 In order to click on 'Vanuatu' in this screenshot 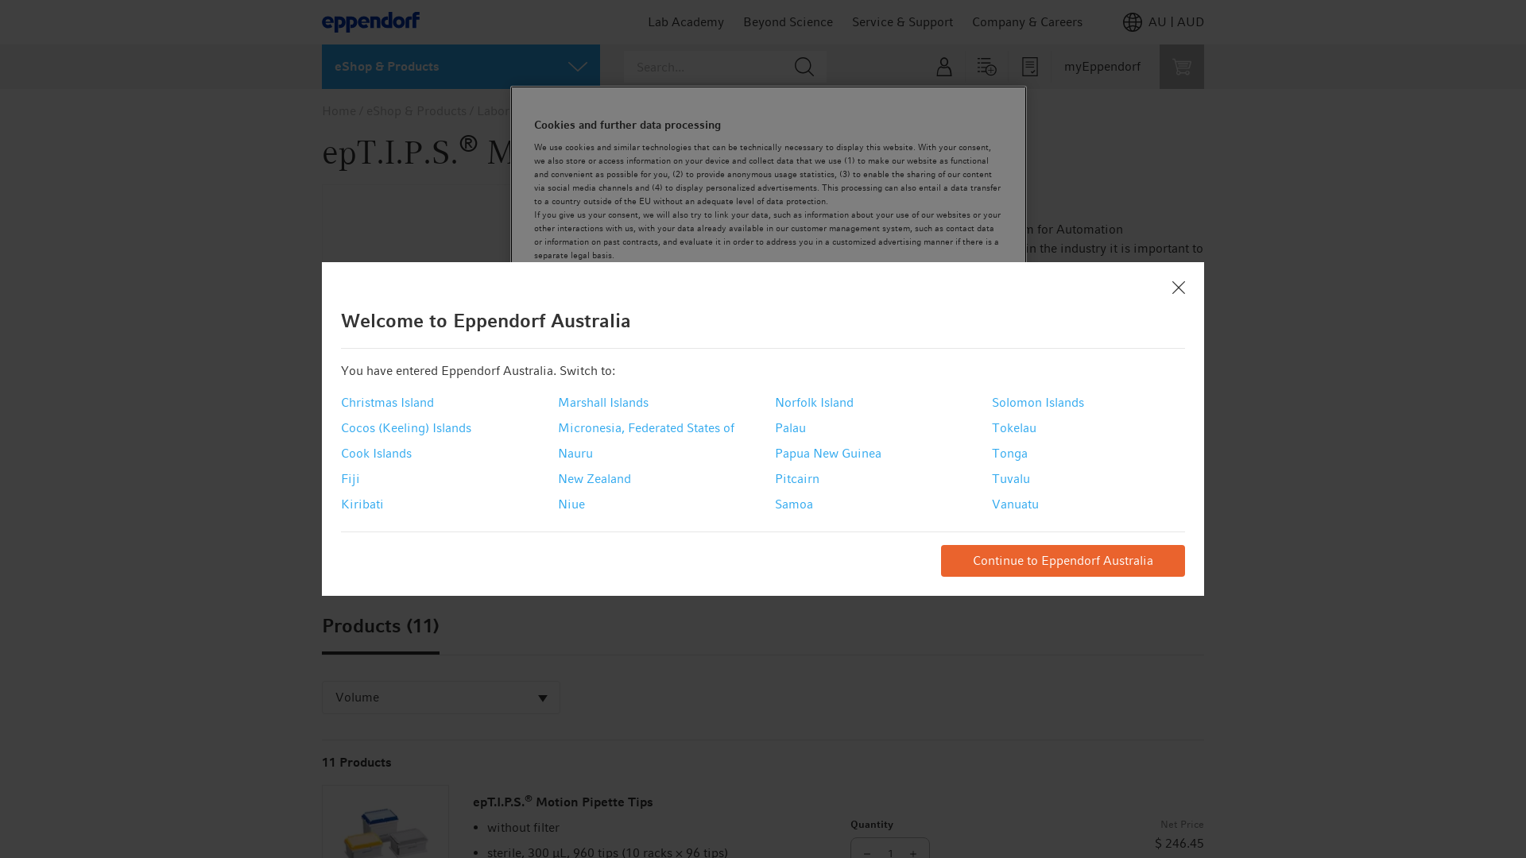, I will do `click(1014, 504)`.